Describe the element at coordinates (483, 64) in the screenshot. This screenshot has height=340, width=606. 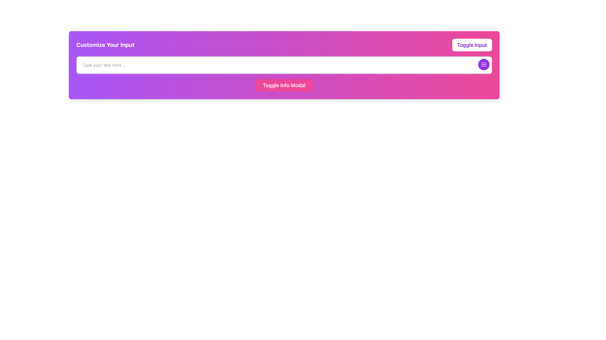
I see `the Menu Toggle icon` at that location.